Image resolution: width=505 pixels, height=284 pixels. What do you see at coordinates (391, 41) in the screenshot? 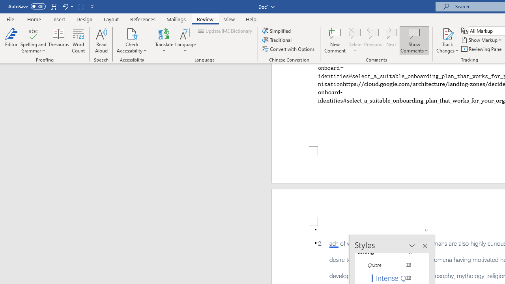
I see `'Next'` at bounding box center [391, 41].